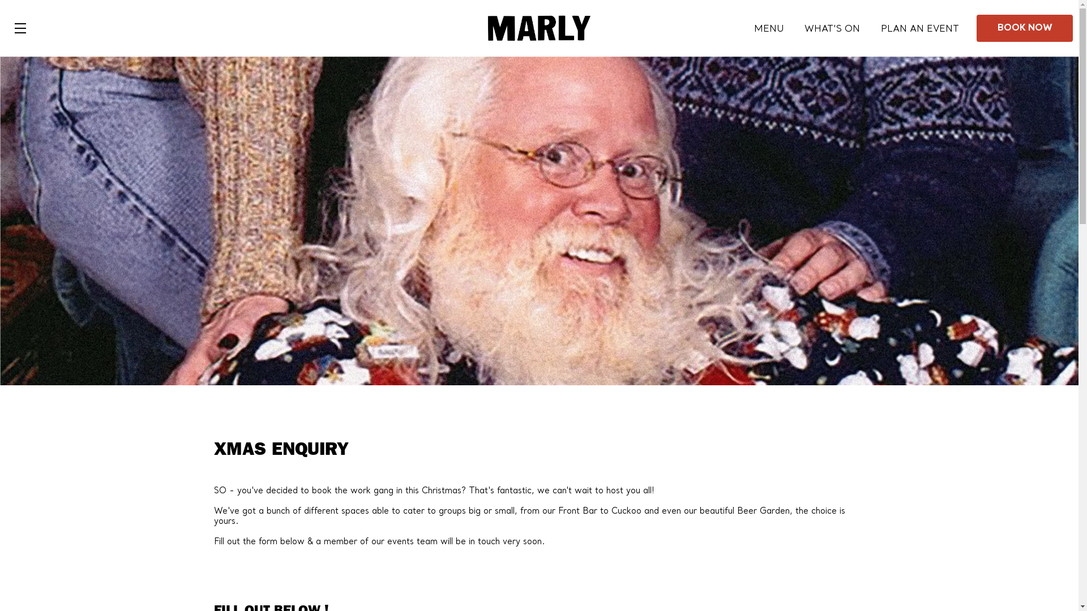 This screenshot has width=1087, height=611. I want to click on 'PLAN AN EVENT', so click(920, 28).